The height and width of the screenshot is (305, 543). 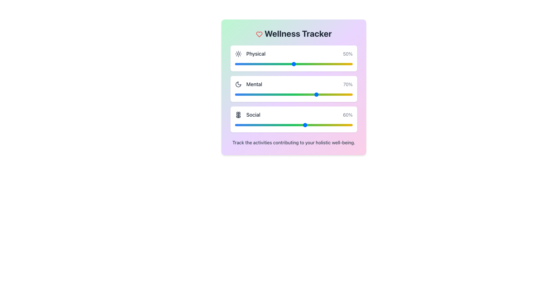 I want to click on the social well-being percentage, so click(x=334, y=125).